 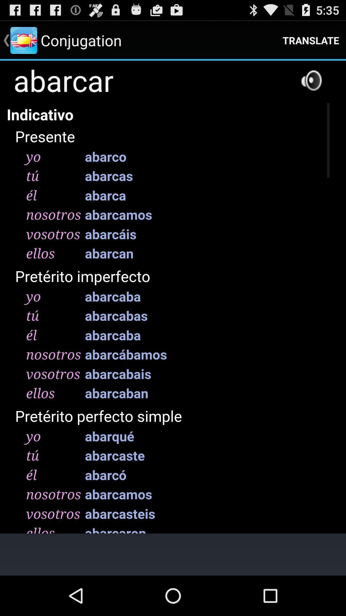 I want to click on sound button, so click(x=311, y=80).